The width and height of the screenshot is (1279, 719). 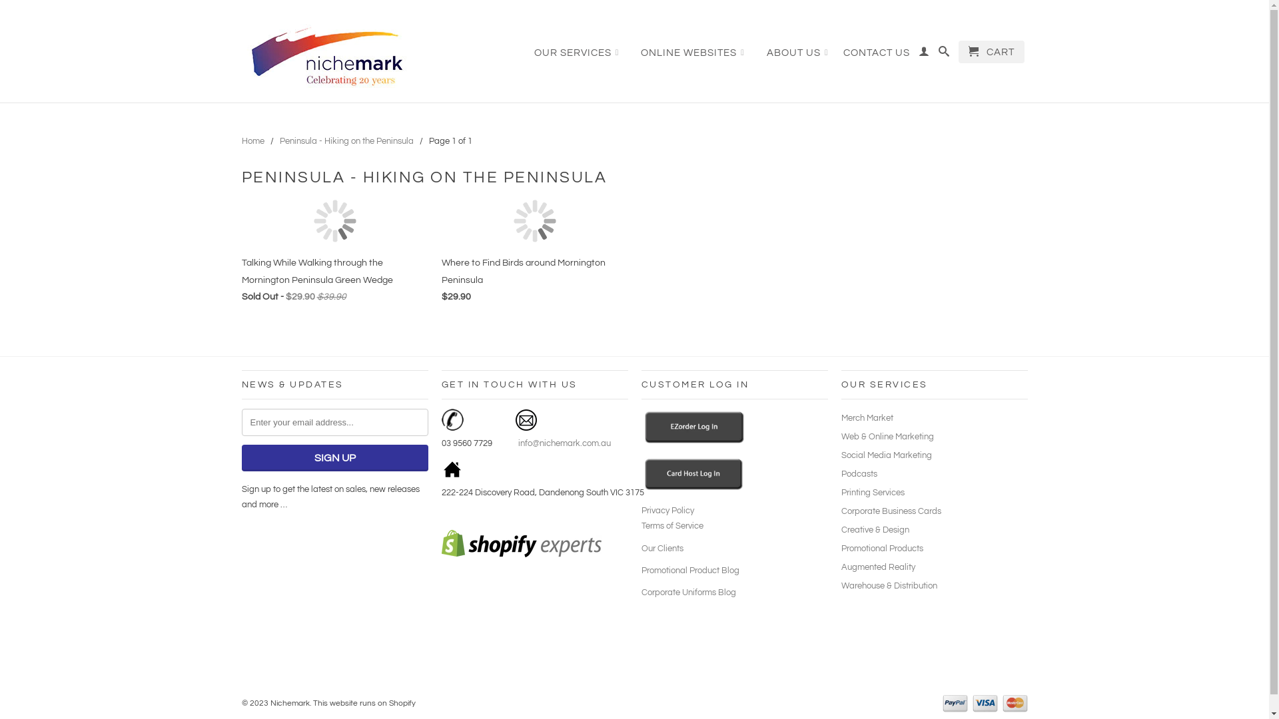 What do you see at coordinates (889, 585) in the screenshot?
I see `'Warehouse & Distribution'` at bounding box center [889, 585].